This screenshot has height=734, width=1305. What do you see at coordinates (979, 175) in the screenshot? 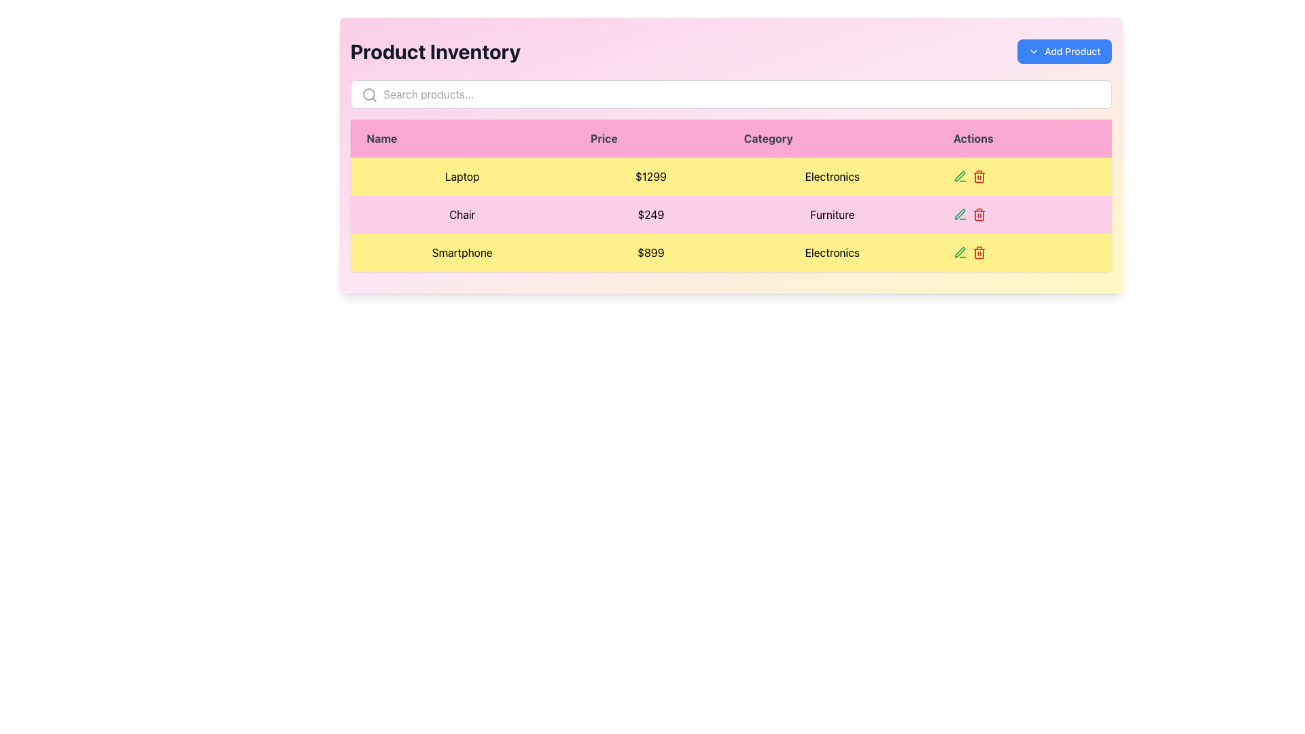
I see `the red trash bin icon in the 'Actions' column, specifically in the third row associated with the 'Smartphone' item` at bounding box center [979, 175].